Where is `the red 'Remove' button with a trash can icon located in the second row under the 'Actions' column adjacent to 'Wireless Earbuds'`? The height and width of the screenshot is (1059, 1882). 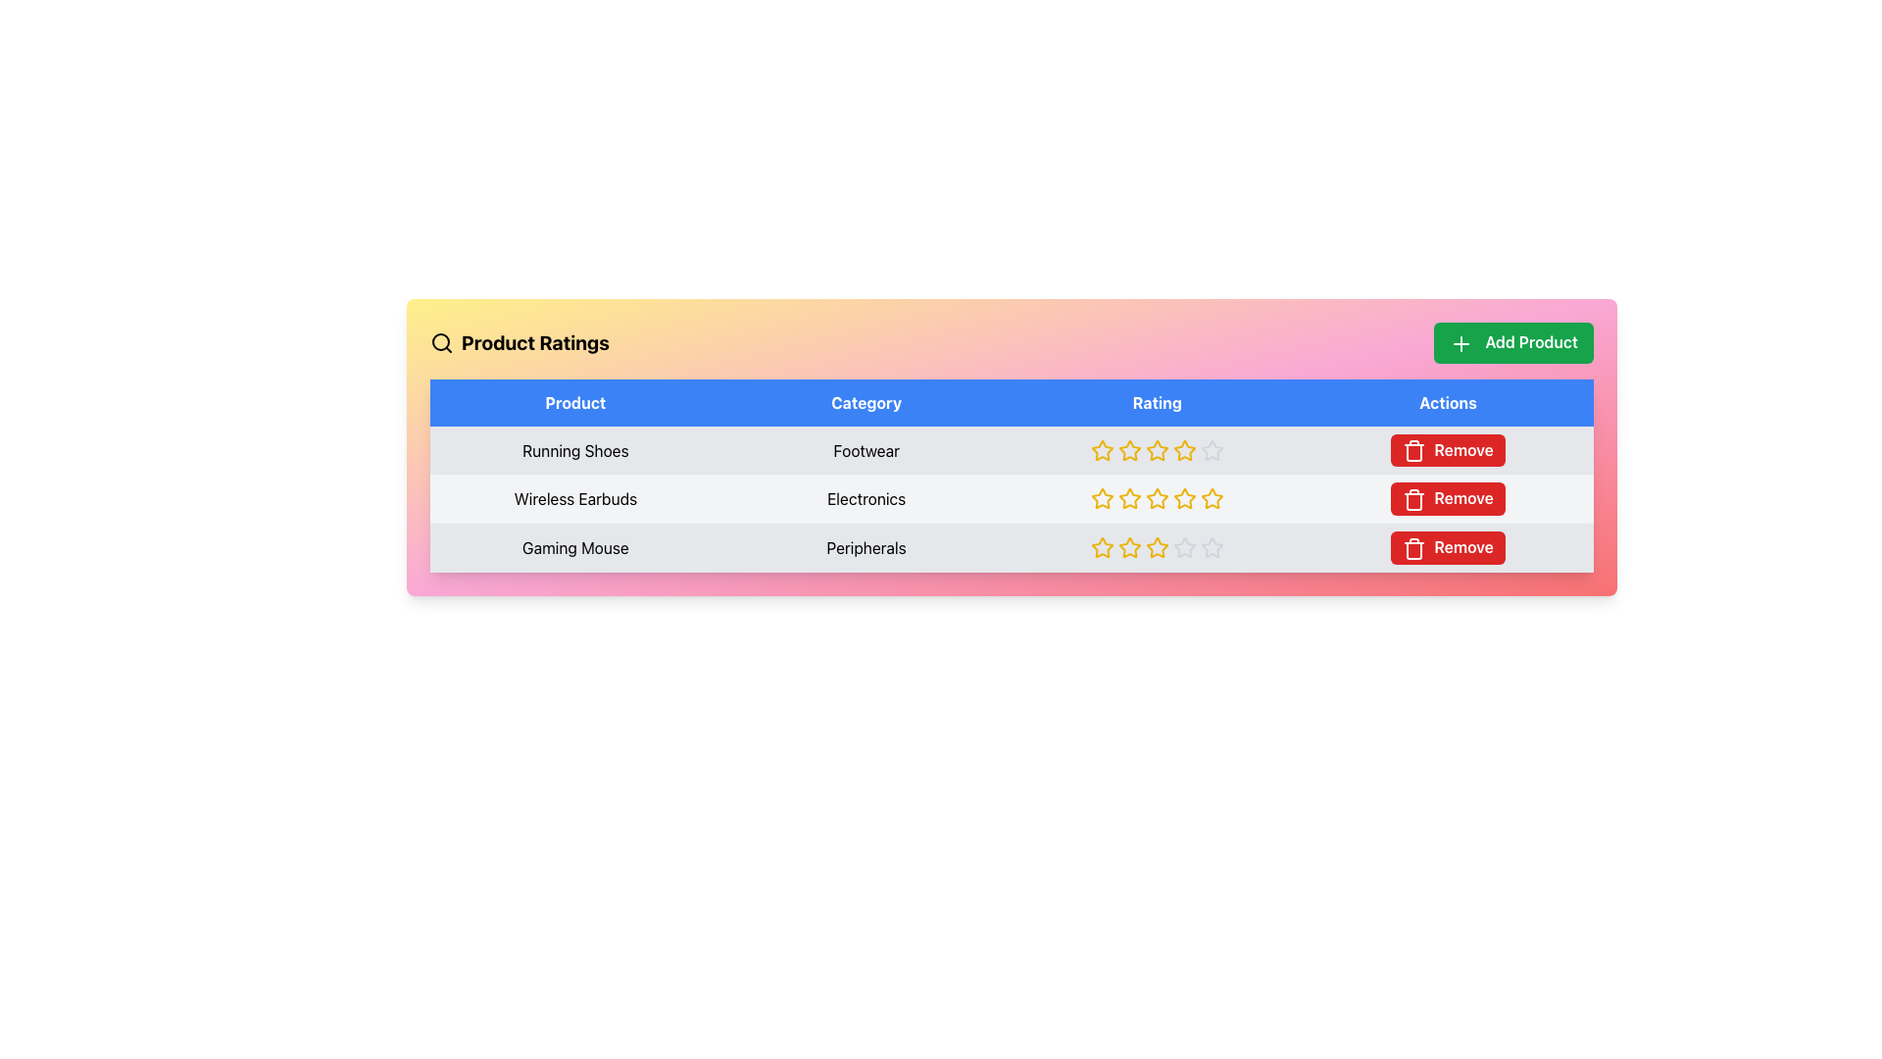
the red 'Remove' button with a trash can icon located in the second row under the 'Actions' column adjacent to 'Wireless Earbuds' is located at coordinates (1448, 498).